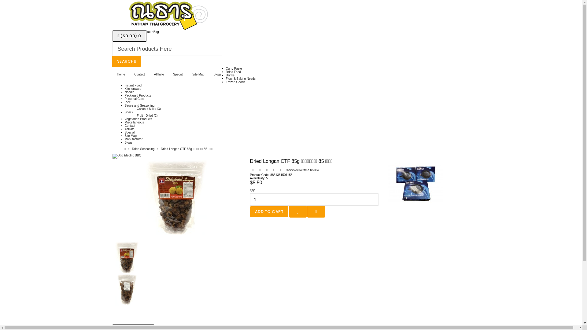 This screenshot has width=587, height=330. Describe the element at coordinates (139, 105) in the screenshot. I see `'Sauce and Seasoning'` at that location.